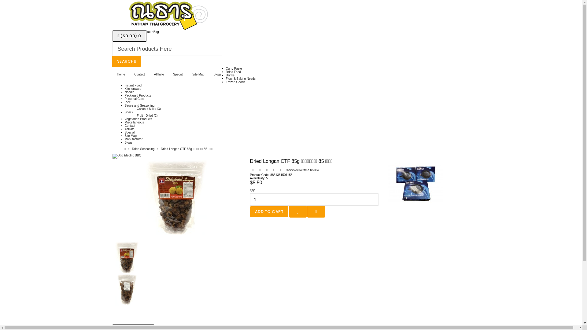 This screenshot has width=587, height=330. Describe the element at coordinates (139, 105) in the screenshot. I see `'Sauce and Seasoning'` at that location.